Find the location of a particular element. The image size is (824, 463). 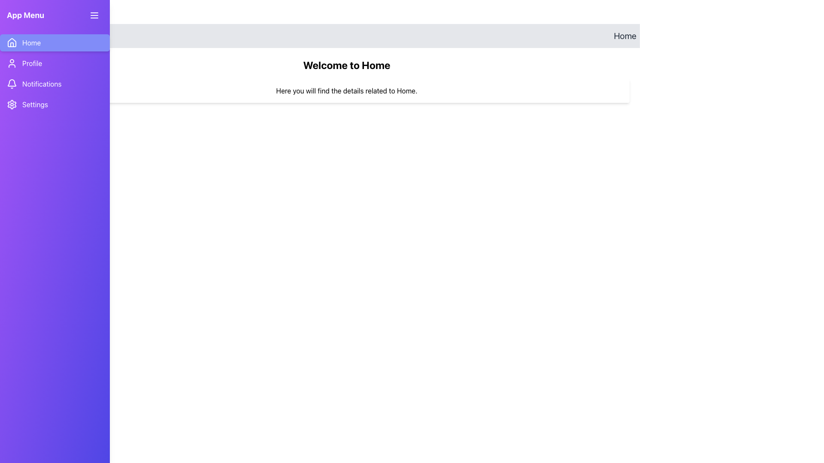

the interactive button with a purple background and a hamburger menu icon located in the top-right corner of the sidebar header is located at coordinates (94, 15).